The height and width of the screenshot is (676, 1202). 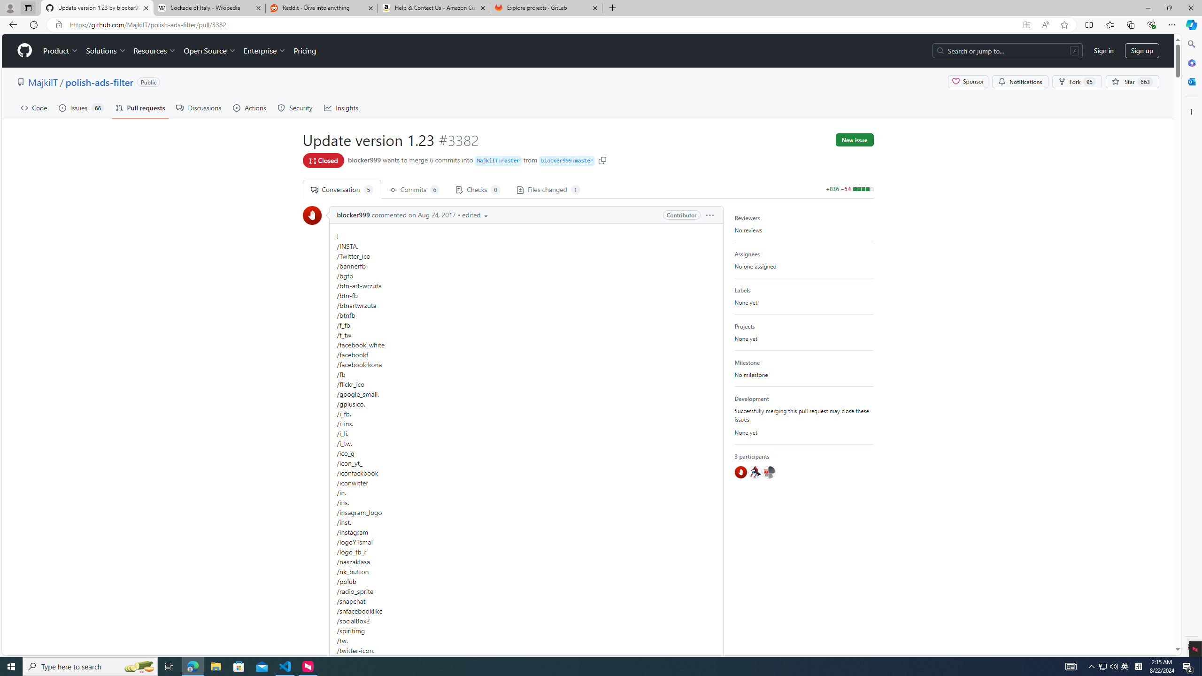 What do you see at coordinates (295, 108) in the screenshot?
I see `'Security'` at bounding box center [295, 108].